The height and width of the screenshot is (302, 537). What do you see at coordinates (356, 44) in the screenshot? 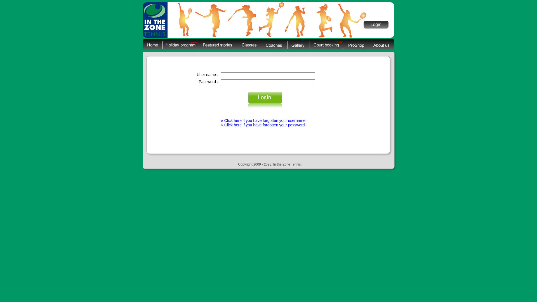
I see `'Proshop'` at bounding box center [356, 44].